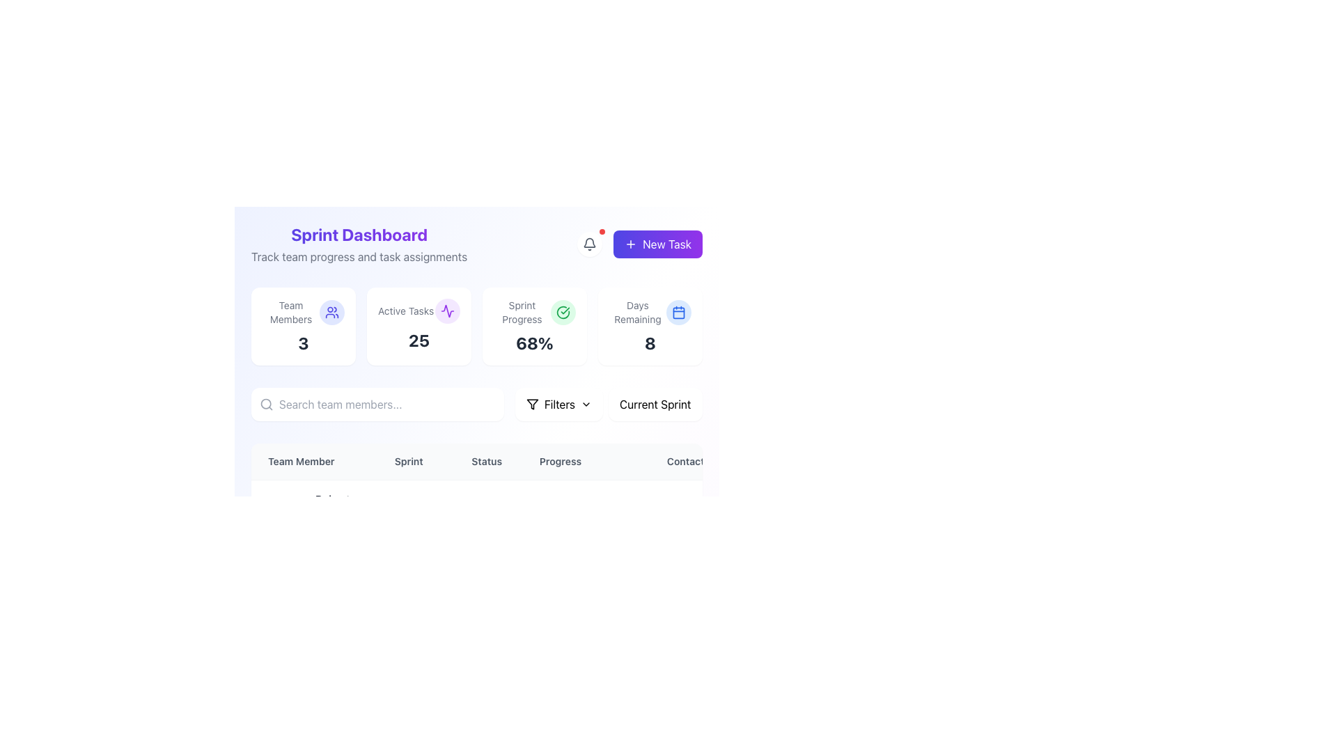  I want to click on text of the filter label button located centrally between the filter symbol icon and the chevron-down icon in the lower middle section of the dashboard, so click(559, 405).